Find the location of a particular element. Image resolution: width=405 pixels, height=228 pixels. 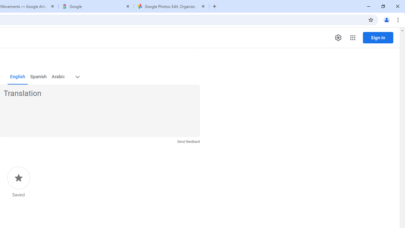

'Settings' is located at coordinates (338, 38).